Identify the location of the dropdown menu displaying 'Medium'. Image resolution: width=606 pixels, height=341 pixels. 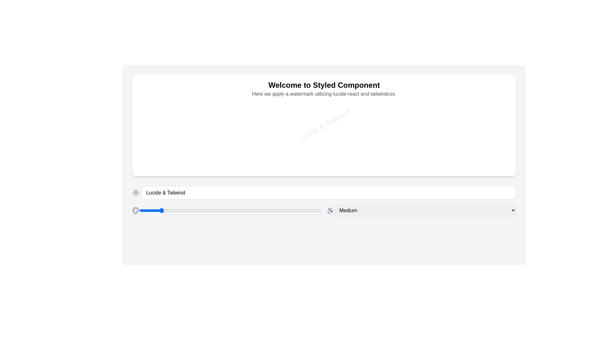
(425, 210).